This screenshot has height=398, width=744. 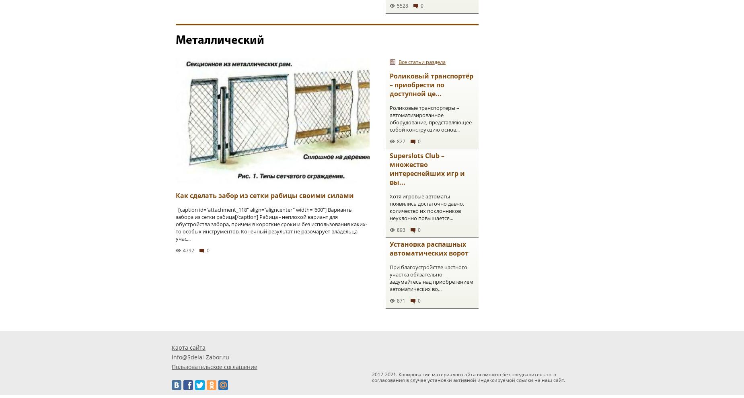 I want to click on 'Роликовые транспортеры – автоматизированное оборудование, представляющее собой конструкцию основ...', so click(x=430, y=119).